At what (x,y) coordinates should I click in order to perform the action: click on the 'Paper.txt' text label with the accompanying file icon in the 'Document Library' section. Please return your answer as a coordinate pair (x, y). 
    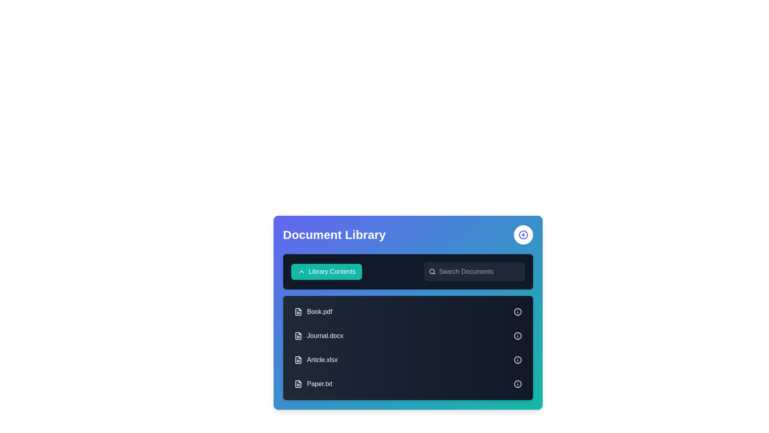
    Looking at the image, I should click on (313, 383).